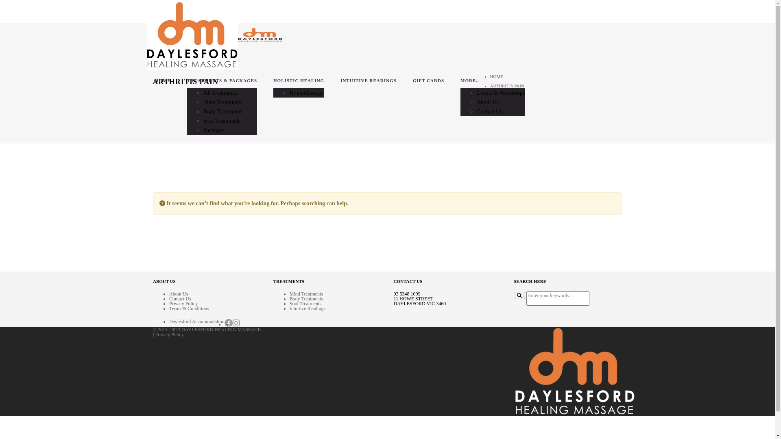  I want to click on 'Terms & Conditions', so click(189, 309).